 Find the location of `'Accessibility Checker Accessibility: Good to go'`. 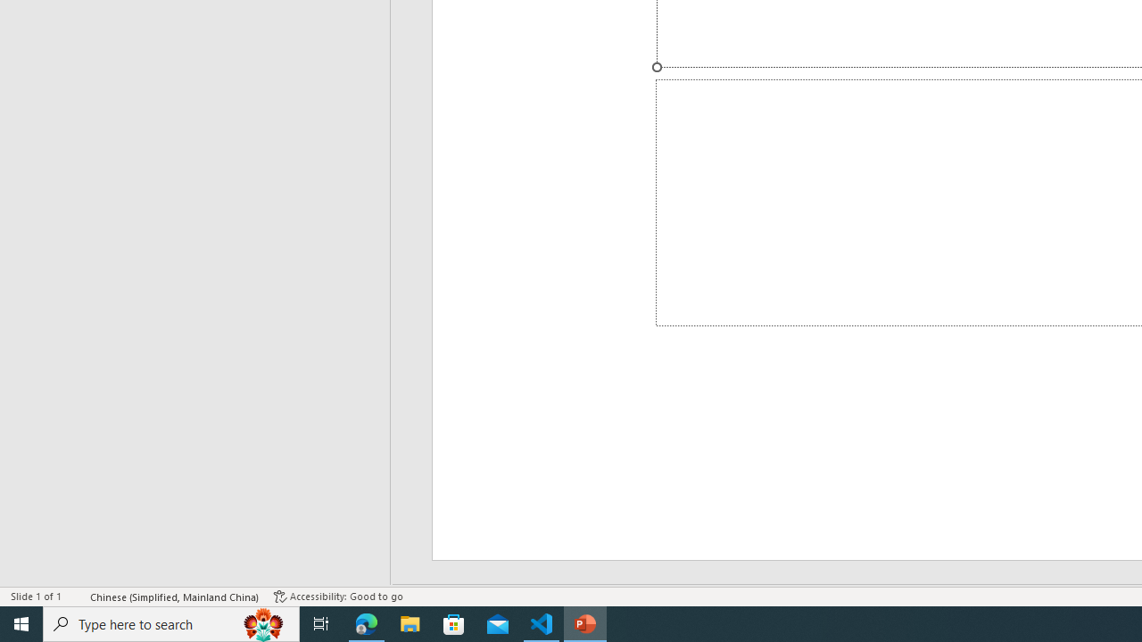

'Accessibility Checker Accessibility: Good to go' is located at coordinates (338, 597).